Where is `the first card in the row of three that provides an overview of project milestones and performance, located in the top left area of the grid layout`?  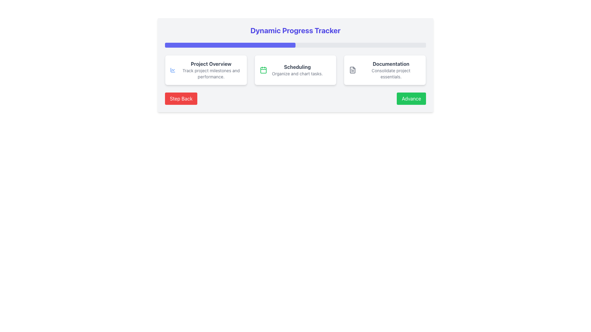 the first card in the row of three that provides an overview of project milestones and performance, located in the top left area of the grid layout is located at coordinates (206, 69).